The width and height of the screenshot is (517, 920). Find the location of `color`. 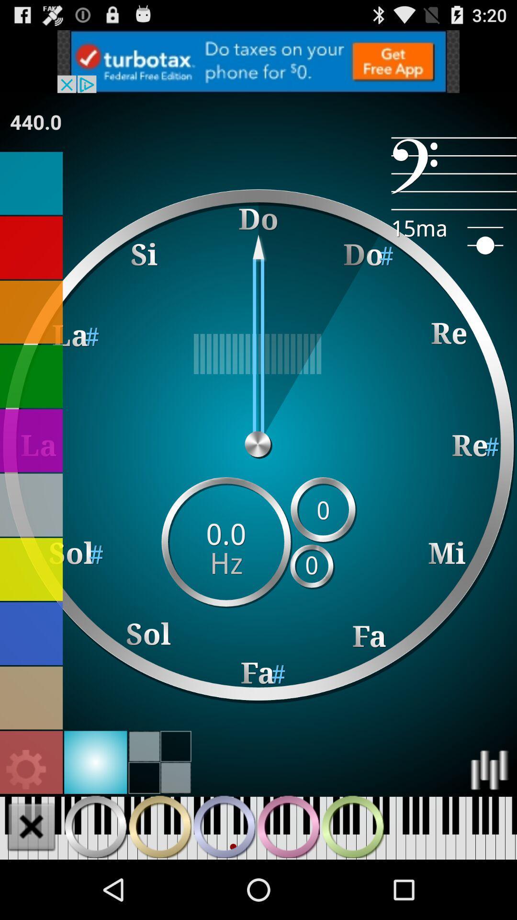

color is located at coordinates (31, 505).